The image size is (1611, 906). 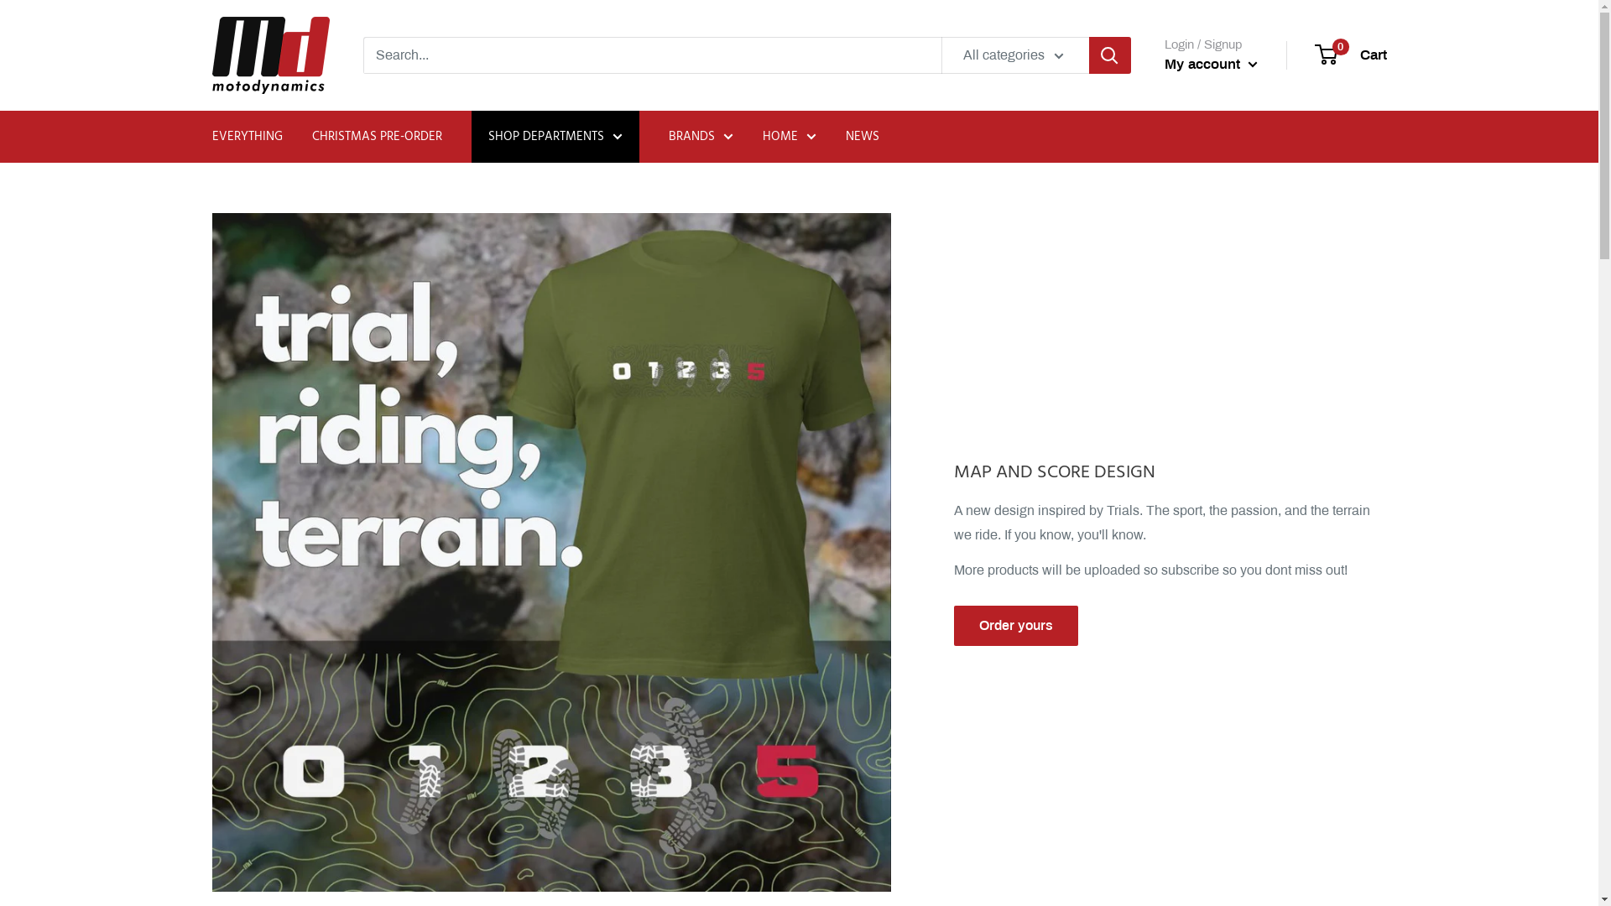 What do you see at coordinates (788, 135) in the screenshot?
I see `'HOME'` at bounding box center [788, 135].